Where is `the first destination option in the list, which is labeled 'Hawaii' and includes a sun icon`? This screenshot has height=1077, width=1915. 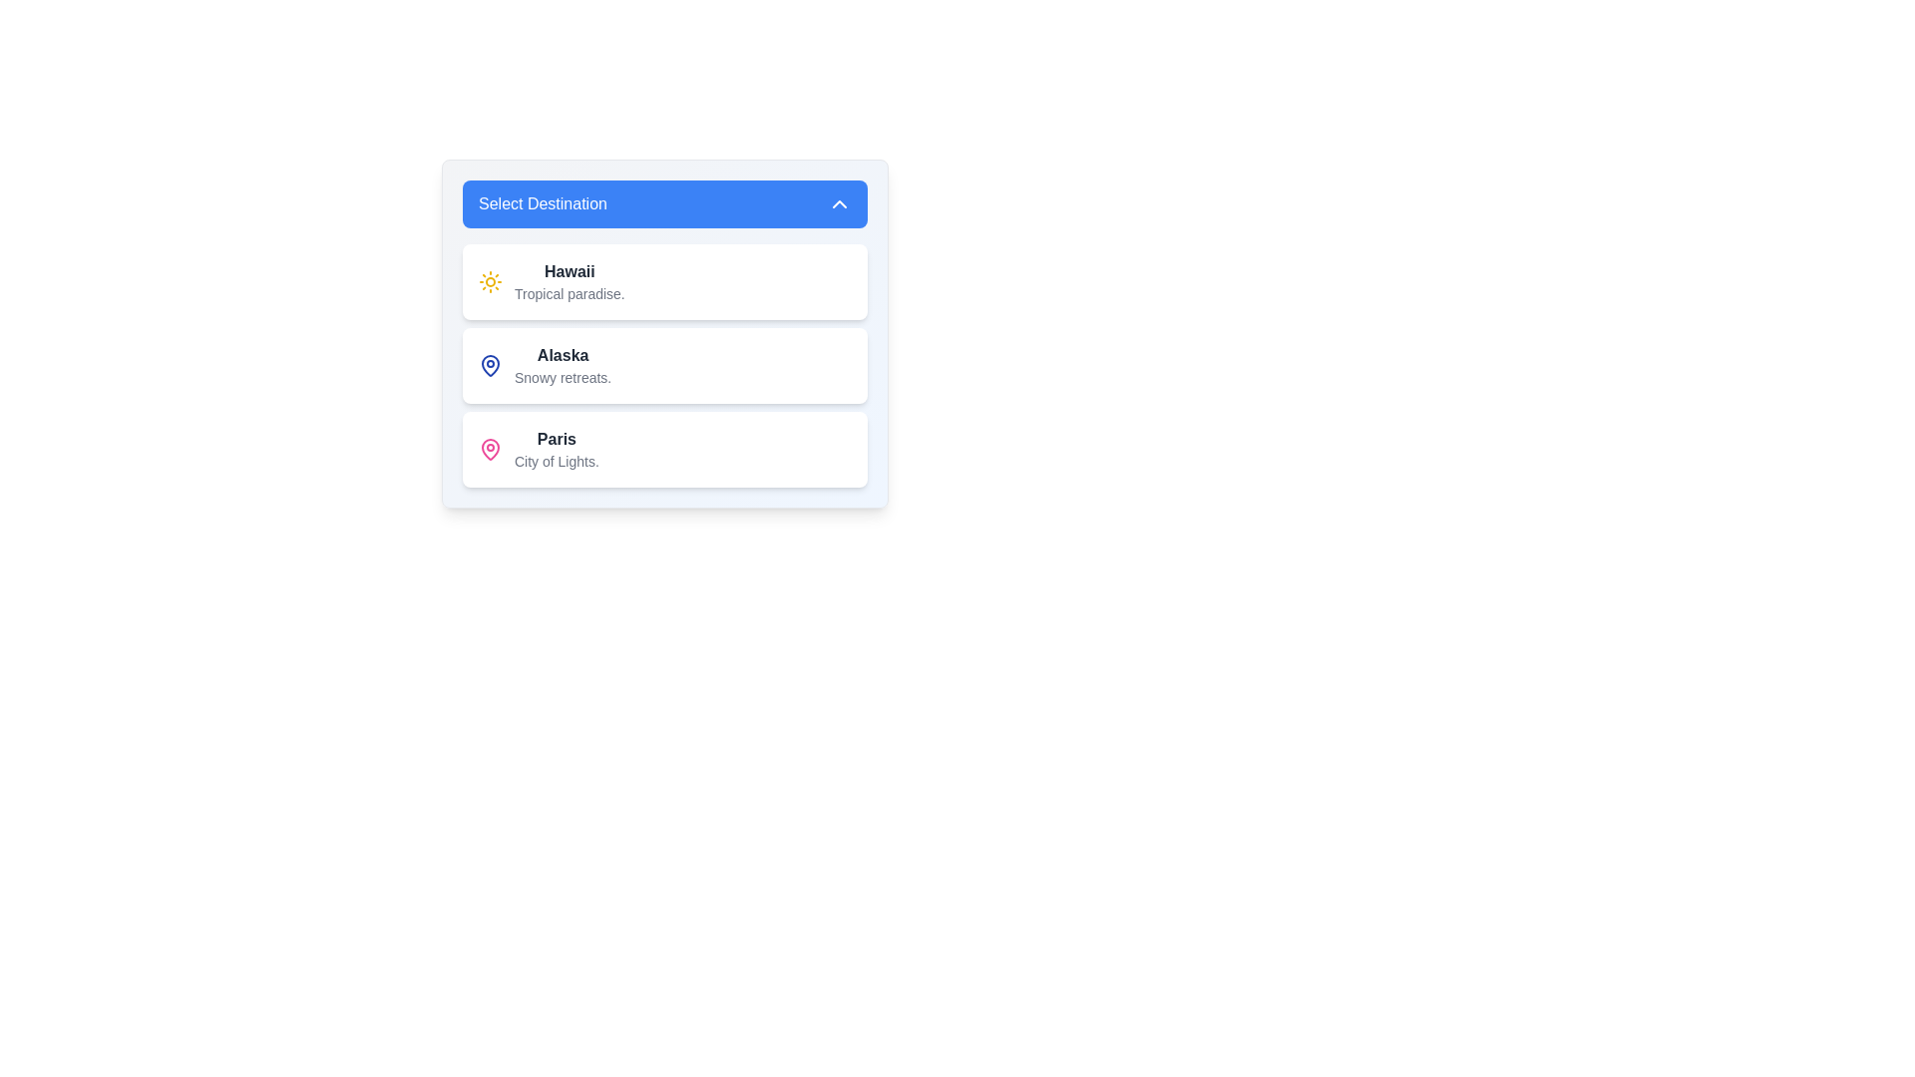
the first destination option in the list, which is labeled 'Hawaii' and includes a sun icon is located at coordinates (552, 281).